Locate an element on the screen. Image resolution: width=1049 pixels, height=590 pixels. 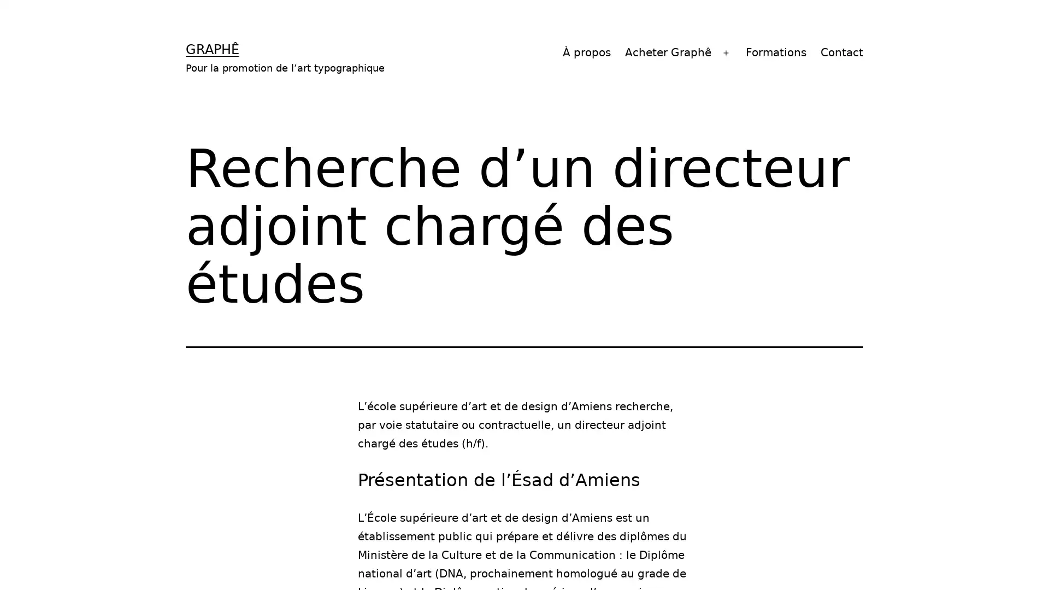
Ouvrir le menu is located at coordinates (726, 52).